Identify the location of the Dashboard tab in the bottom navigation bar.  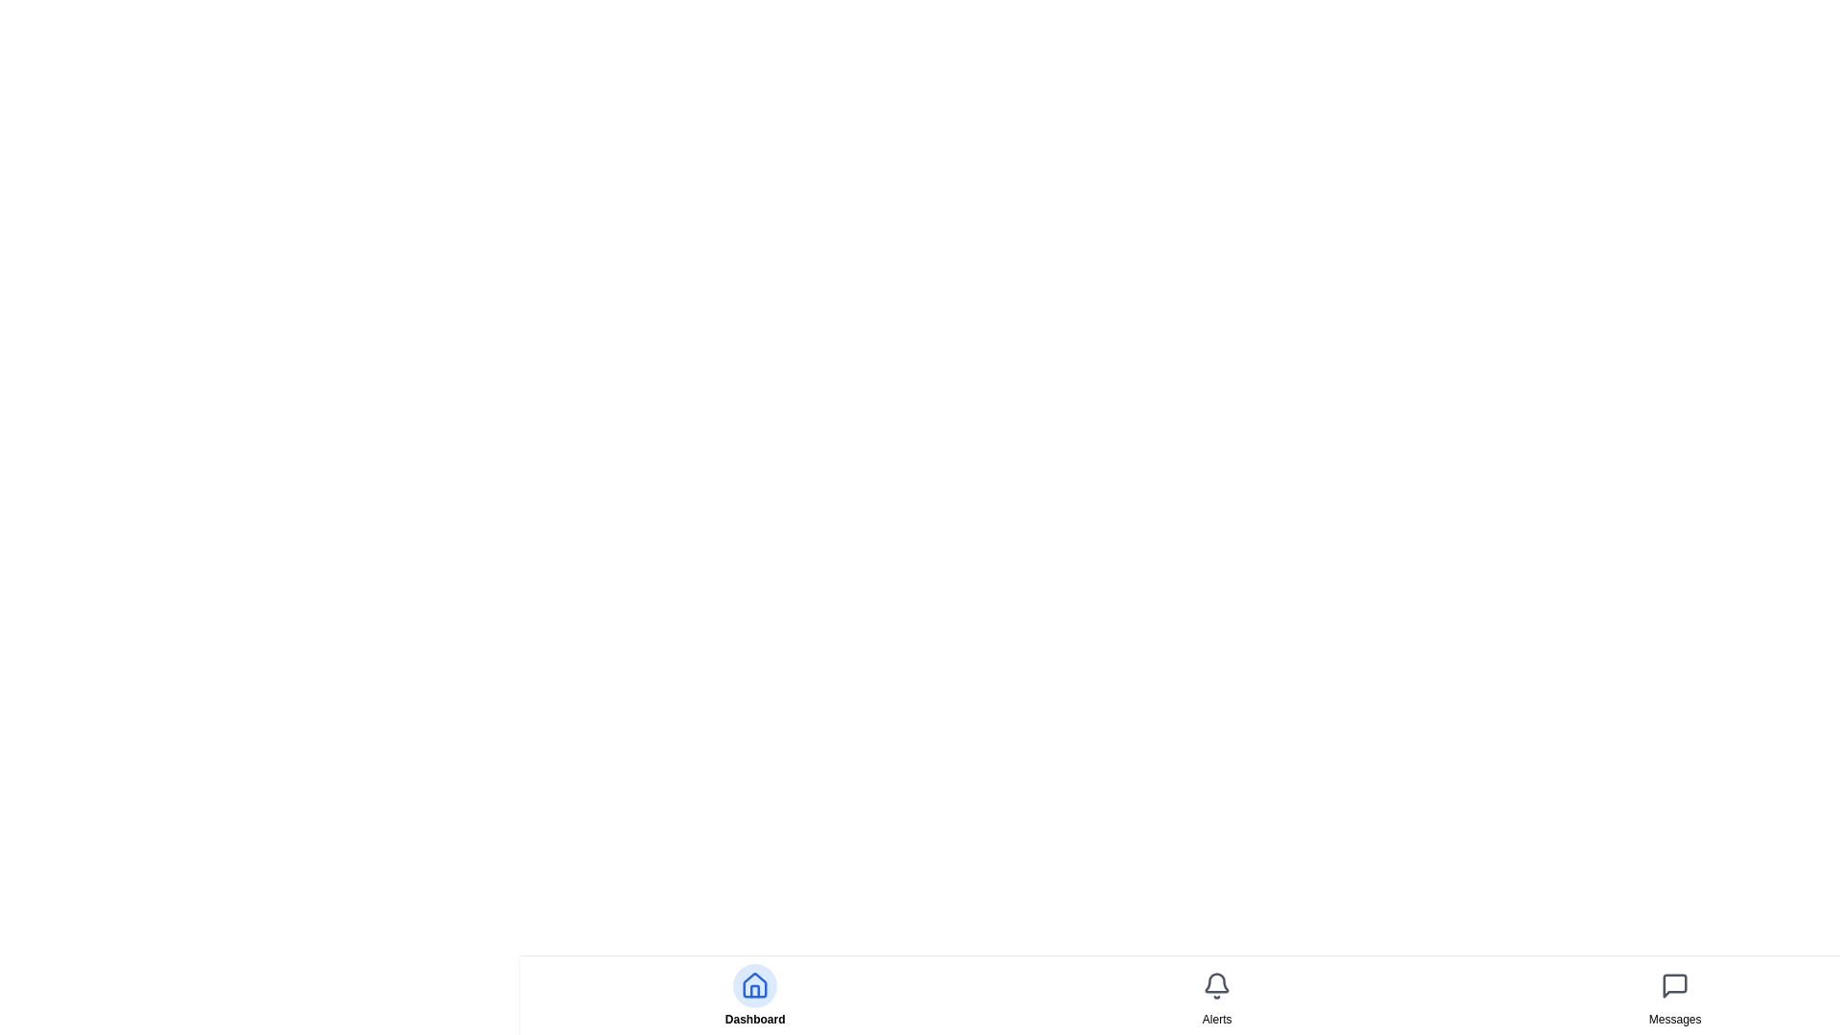
(753, 994).